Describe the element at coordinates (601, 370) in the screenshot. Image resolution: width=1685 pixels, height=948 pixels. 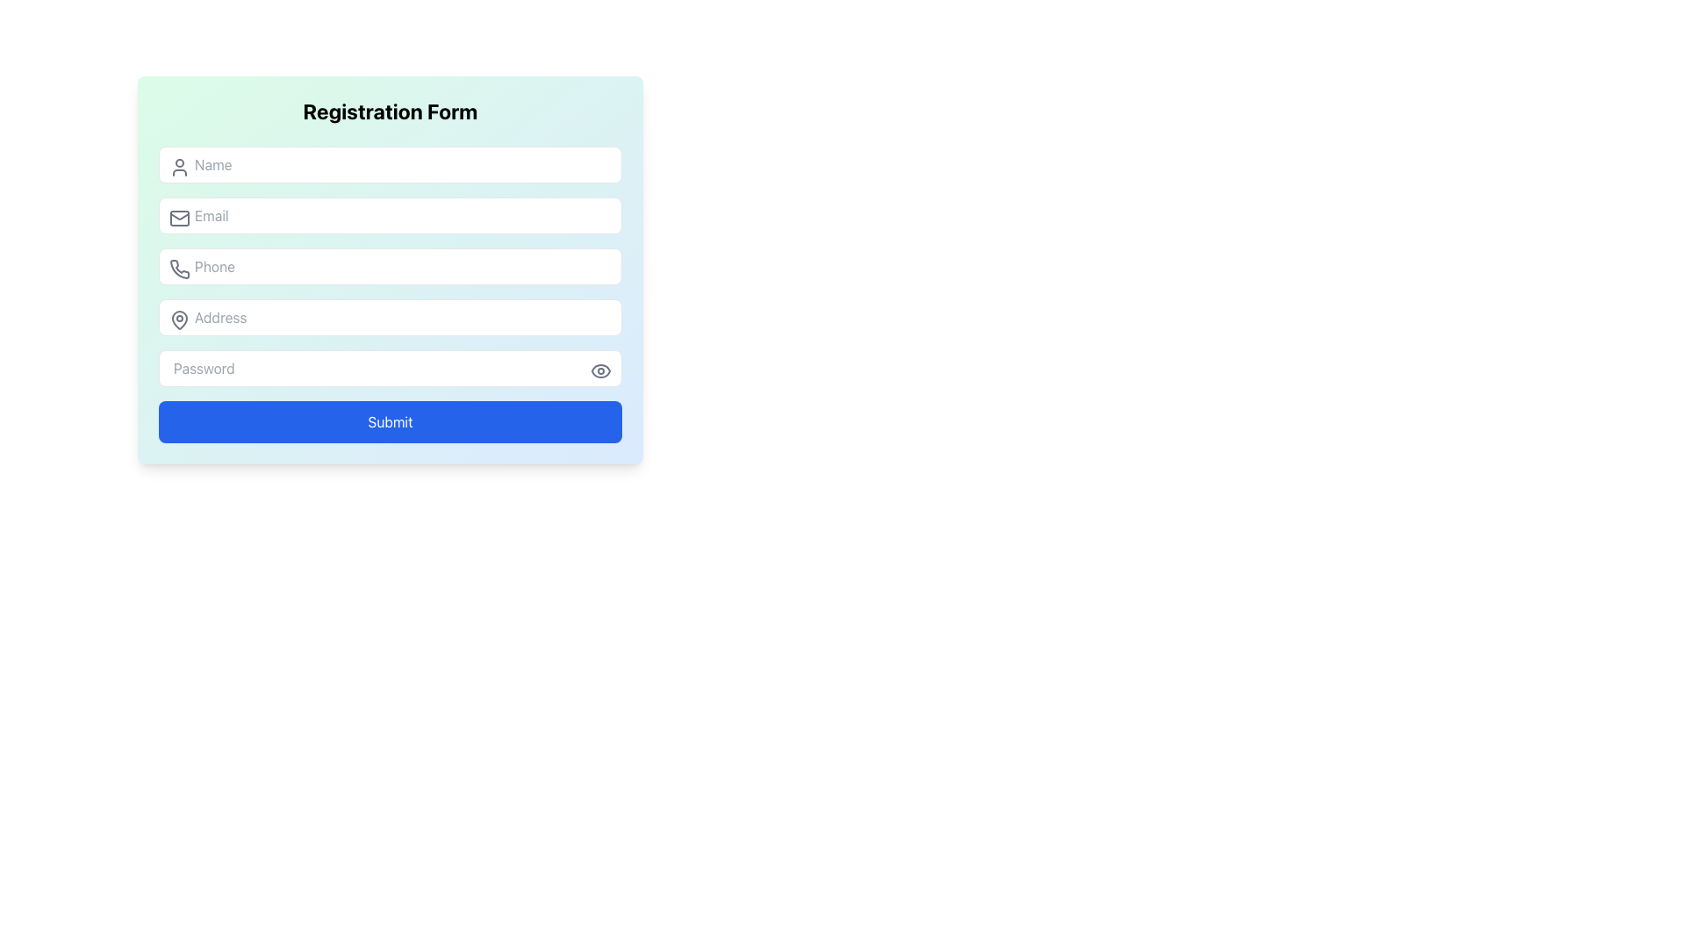
I see `the eye icon component located on the right side of the password input field, which signifies the 'show password' functionality` at that location.